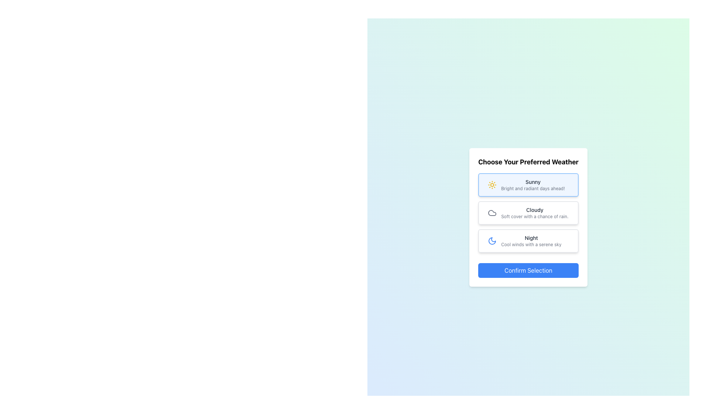 The width and height of the screenshot is (709, 398). I want to click on the static text displaying the message 'Soft cover with a chance of rain.' which is located below the heading 'Cloudy' in the weather option card, so click(535, 216).